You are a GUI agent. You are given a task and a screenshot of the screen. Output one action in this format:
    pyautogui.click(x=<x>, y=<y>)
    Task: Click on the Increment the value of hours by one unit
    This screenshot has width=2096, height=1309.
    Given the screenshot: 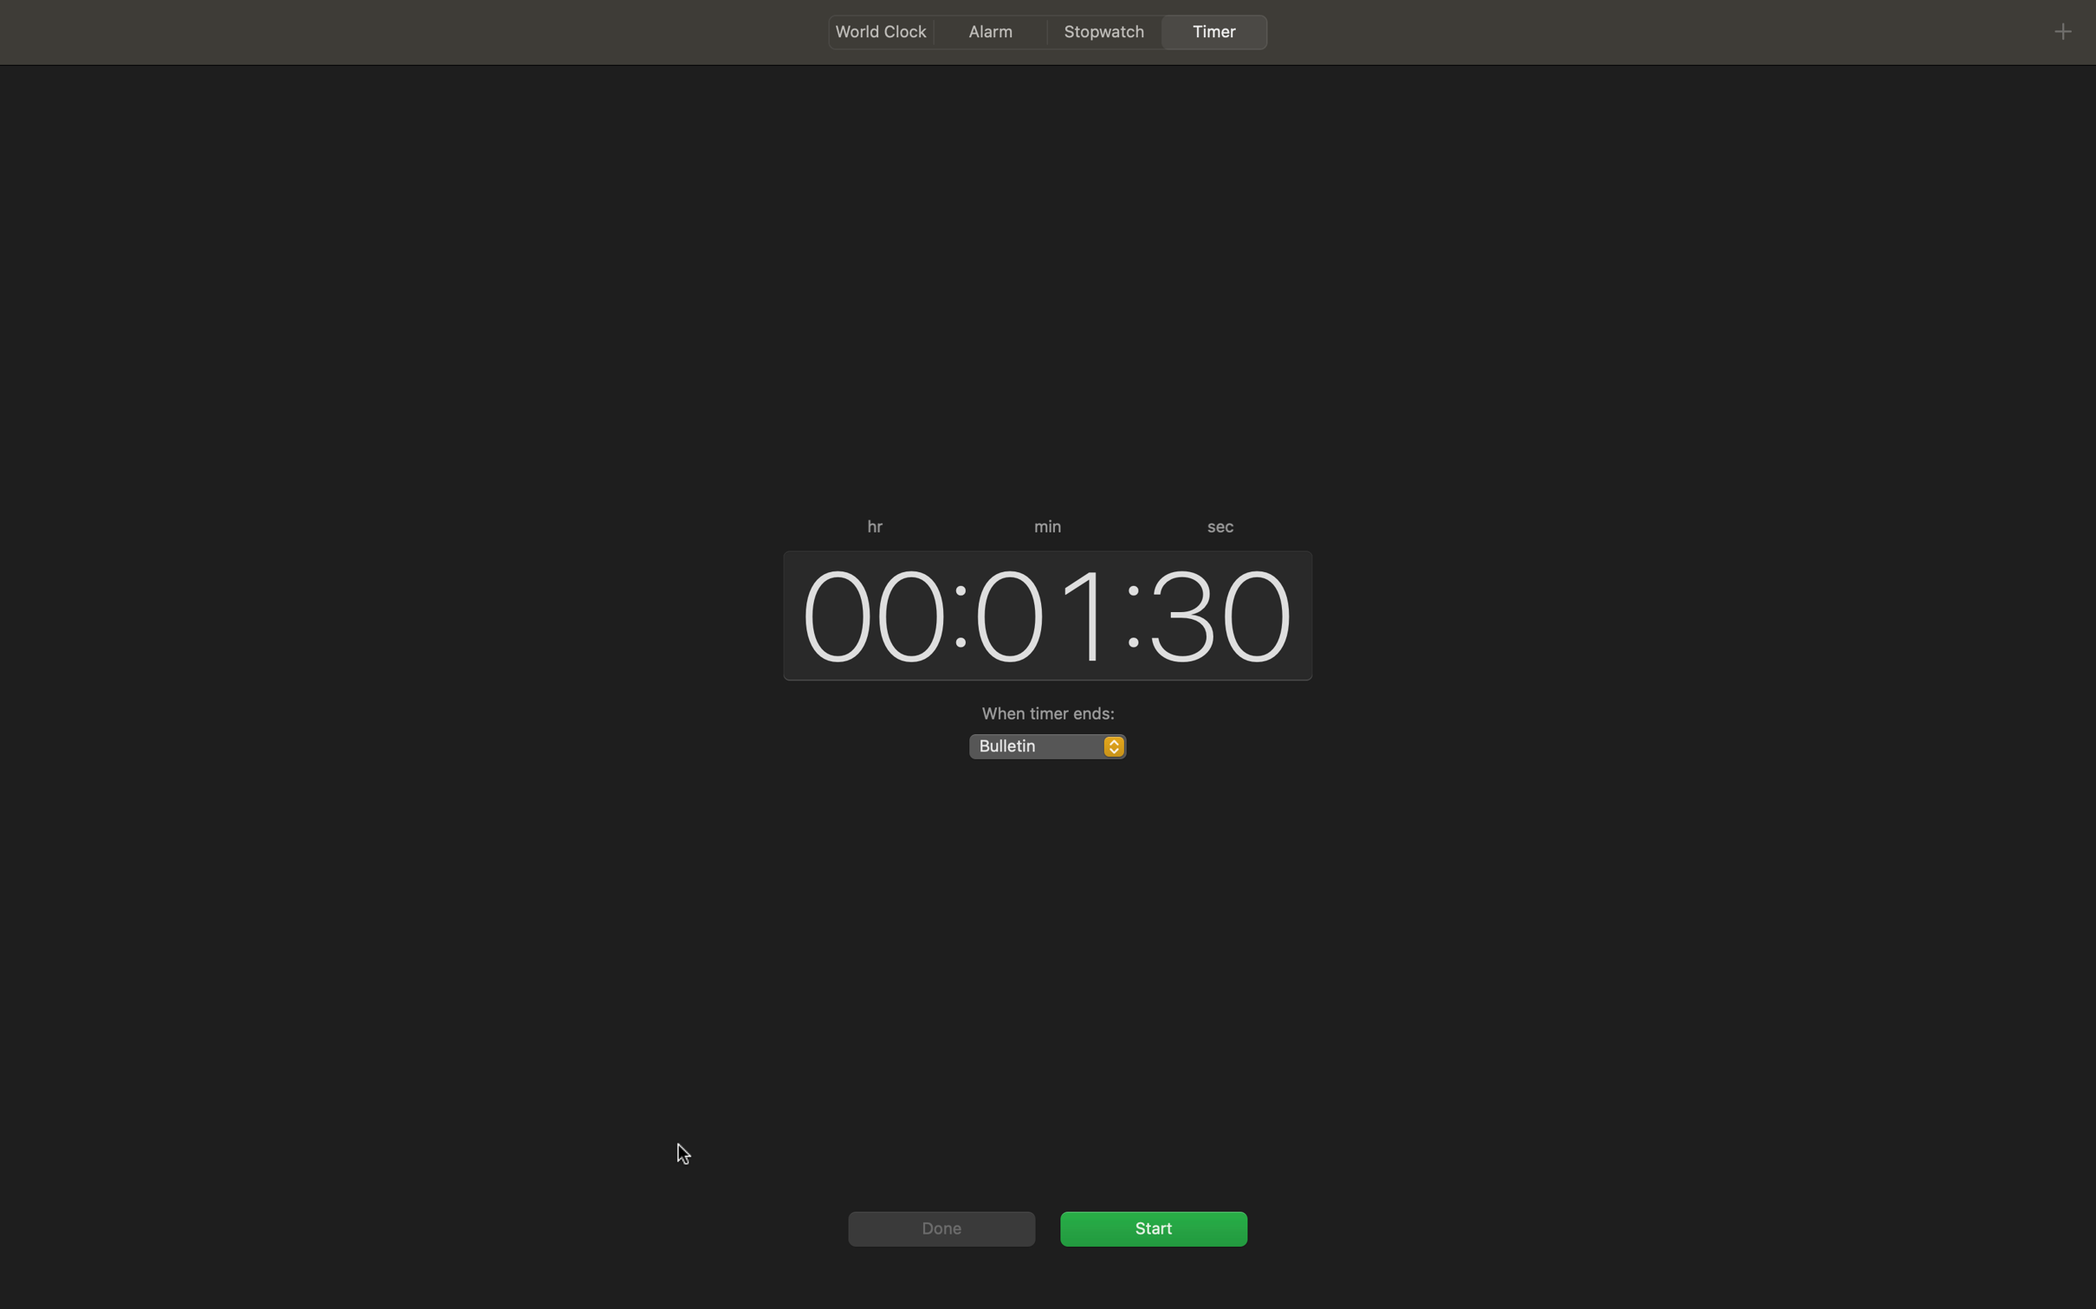 What is the action you would take?
    pyautogui.click(x=866, y=612)
    